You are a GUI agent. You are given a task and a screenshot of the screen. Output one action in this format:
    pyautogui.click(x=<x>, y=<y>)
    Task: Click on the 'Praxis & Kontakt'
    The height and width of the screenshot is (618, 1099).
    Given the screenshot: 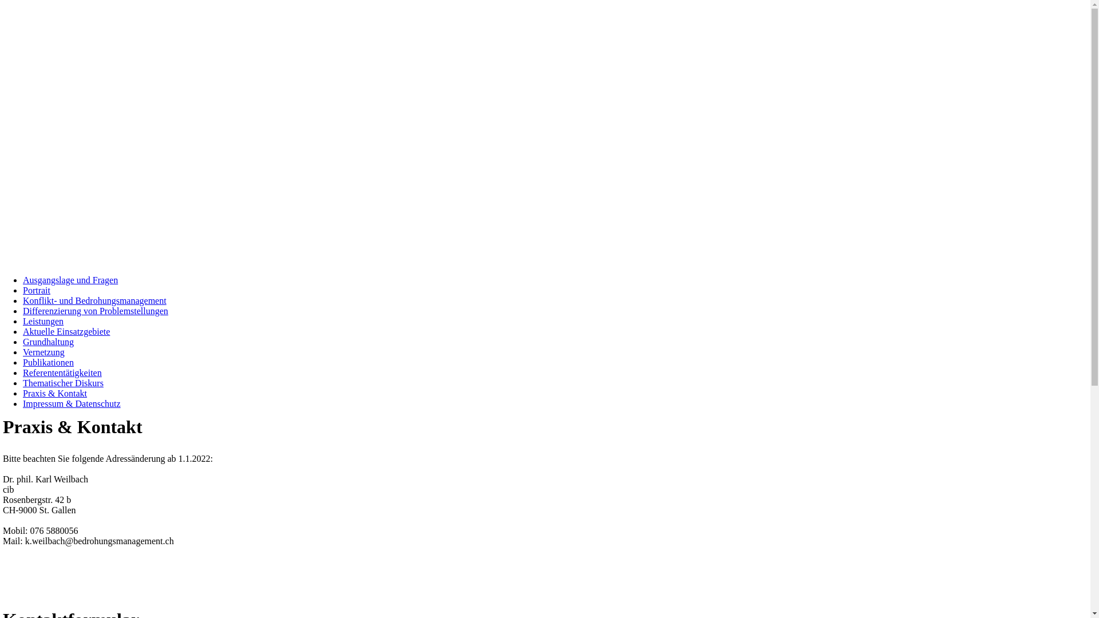 What is the action you would take?
    pyautogui.click(x=54, y=393)
    